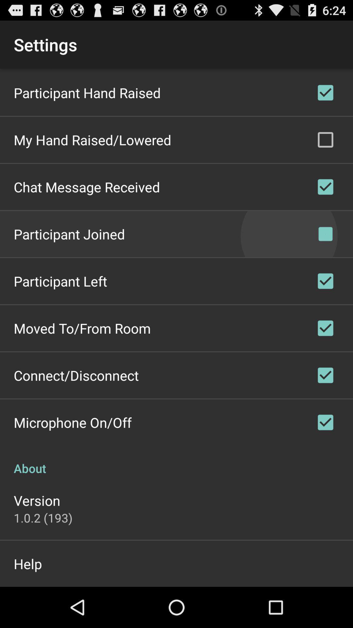  I want to click on square button right to text my hand raisedlowered, so click(325, 139).